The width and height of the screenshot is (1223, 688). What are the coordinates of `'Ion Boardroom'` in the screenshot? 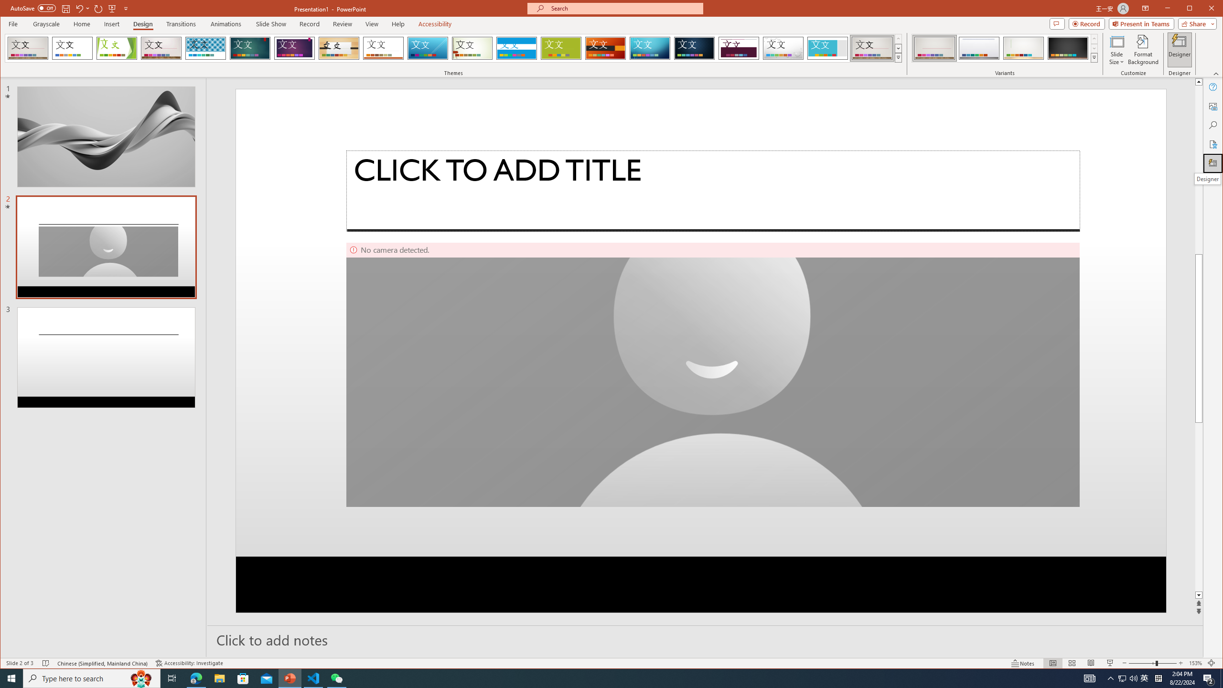 It's located at (294, 48).